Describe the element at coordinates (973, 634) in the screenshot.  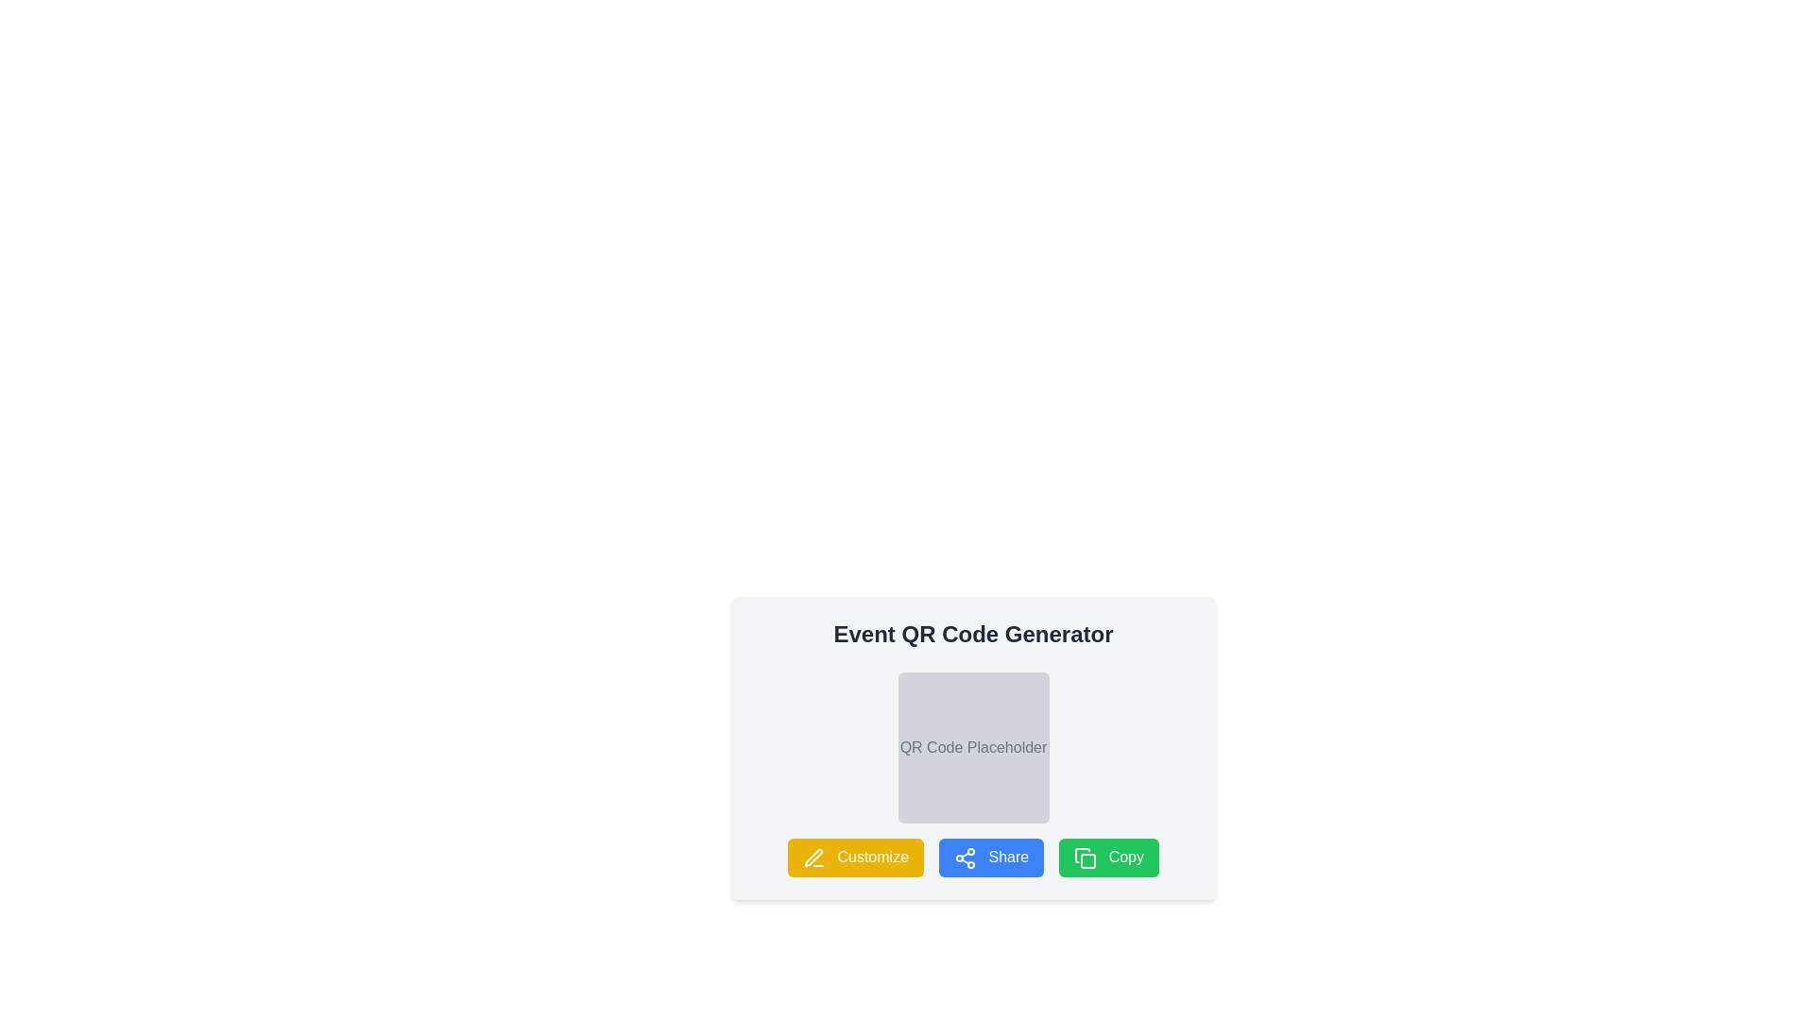
I see `the static text header labeled 'Event QR Code Generator' which is prominently displayed in bold typography on a white background card` at that location.